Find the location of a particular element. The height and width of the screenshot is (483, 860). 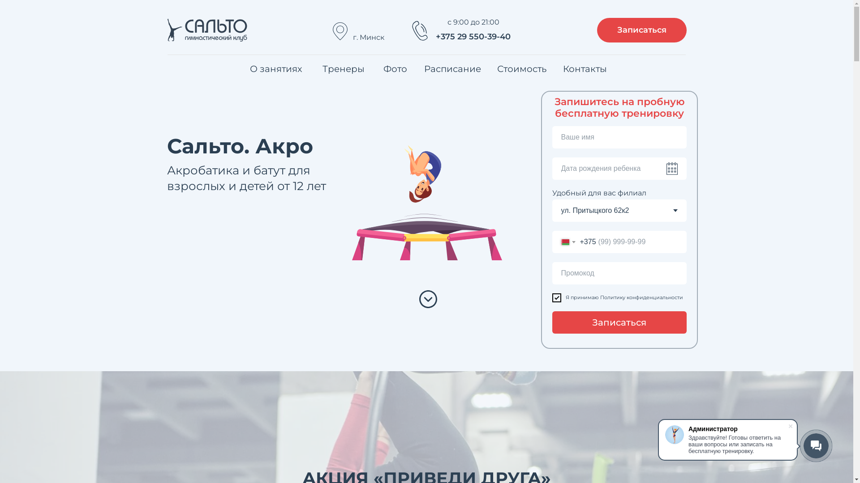

'+375 29 550-39-40' is located at coordinates (473, 37).